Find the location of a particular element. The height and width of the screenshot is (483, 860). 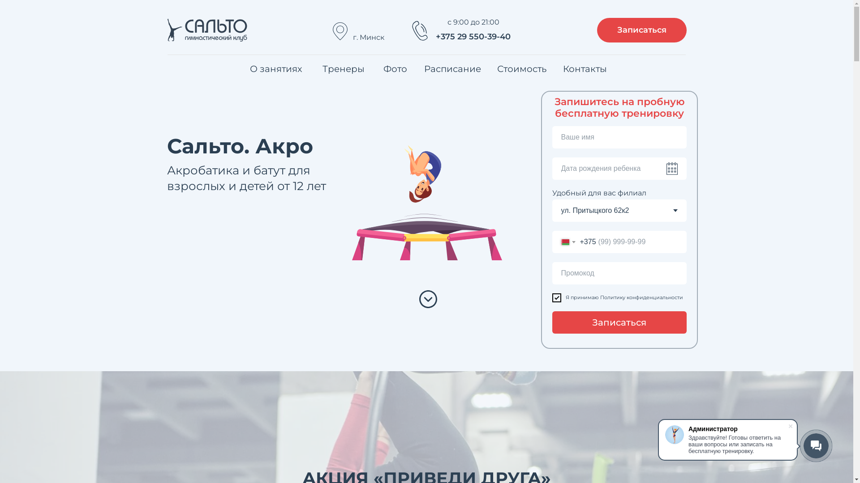

'+375 29 550-39-40' is located at coordinates (473, 37).